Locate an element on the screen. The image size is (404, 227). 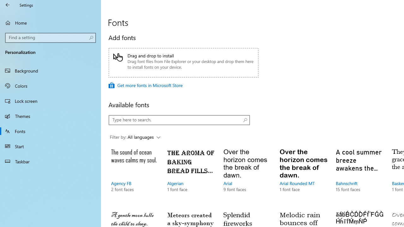
'Search box, Find a setting' is located at coordinates (50, 38).